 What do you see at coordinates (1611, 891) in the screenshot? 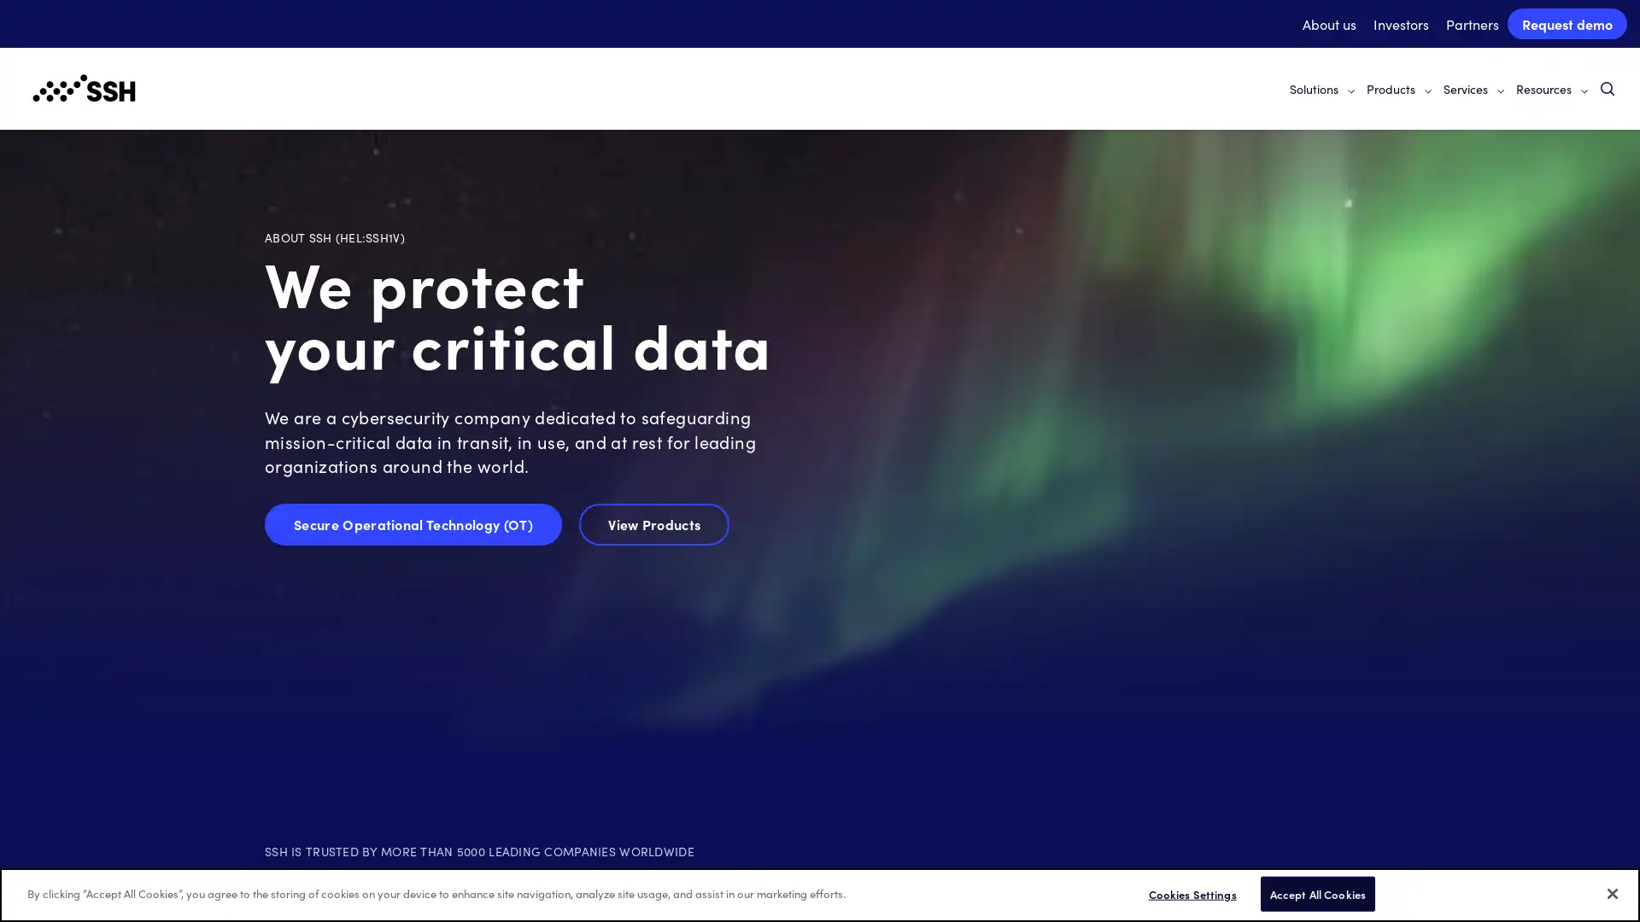
I see `Close` at bounding box center [1611, 891].